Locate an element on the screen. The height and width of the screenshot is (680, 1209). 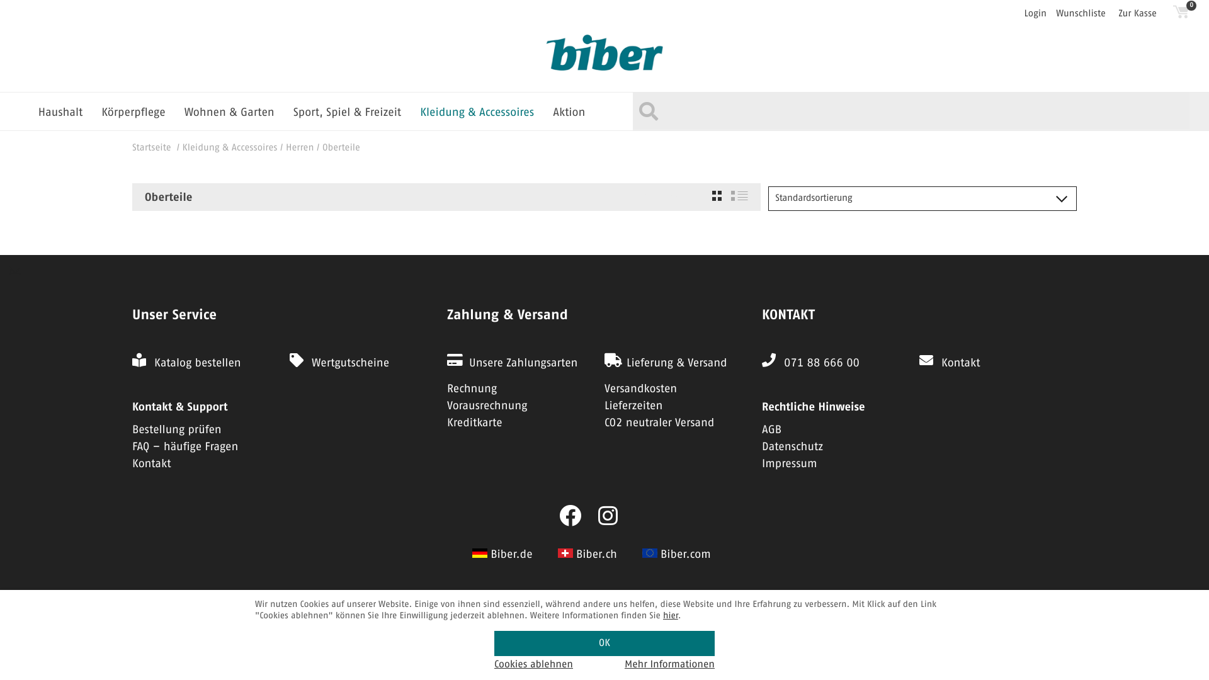
'Login' is located at coordinates (1037, 14).